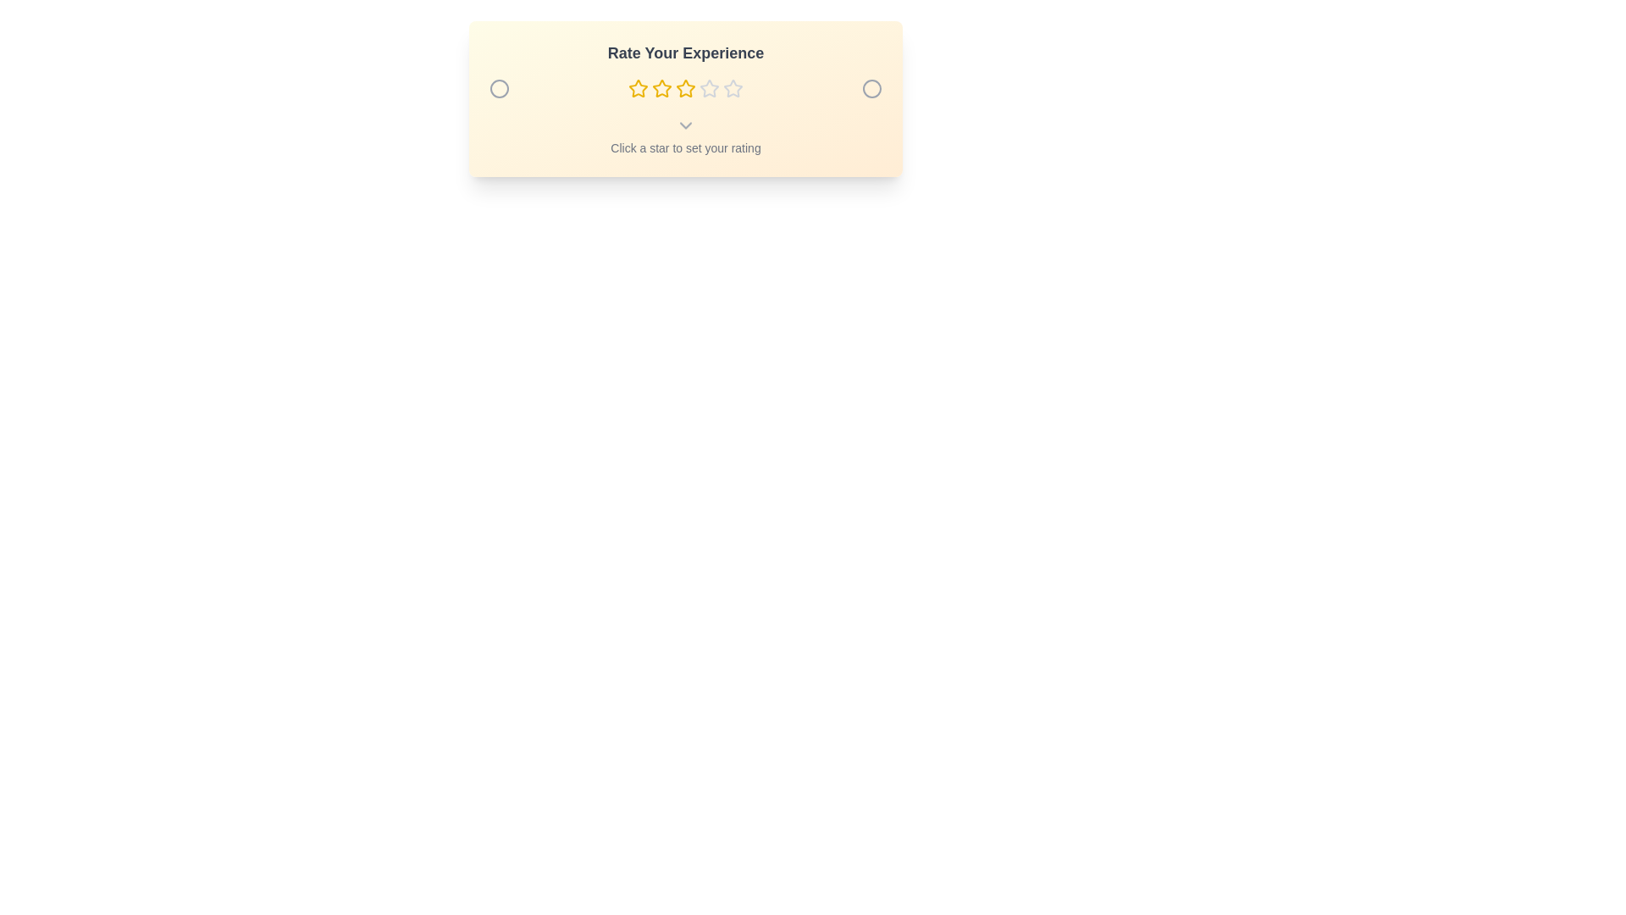 This screenshot has height=915, width=1626. Describe the element at coordinates (661, 88) in the screenshot. I see `the star representing the desired rating 2` at that location.